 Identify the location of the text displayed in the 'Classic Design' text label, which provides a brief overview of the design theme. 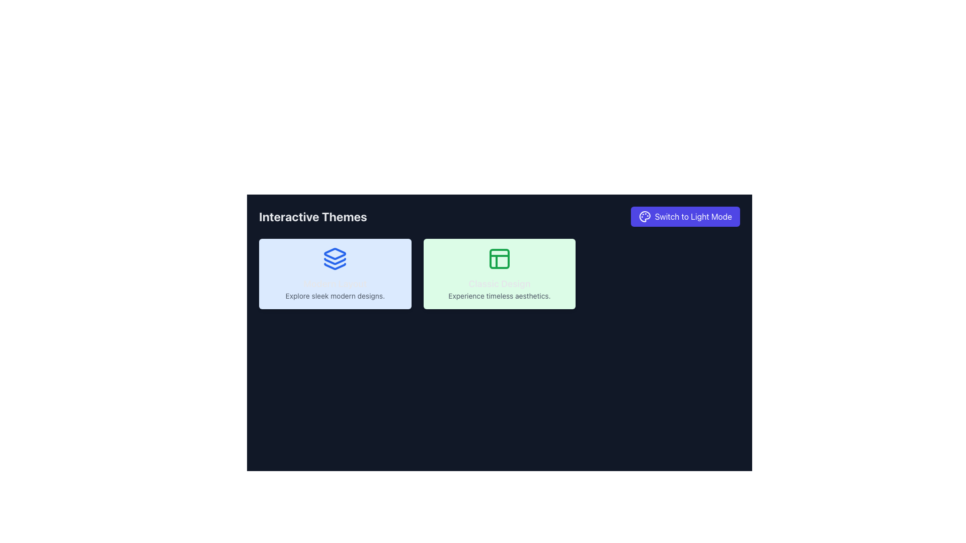
(500, 289).